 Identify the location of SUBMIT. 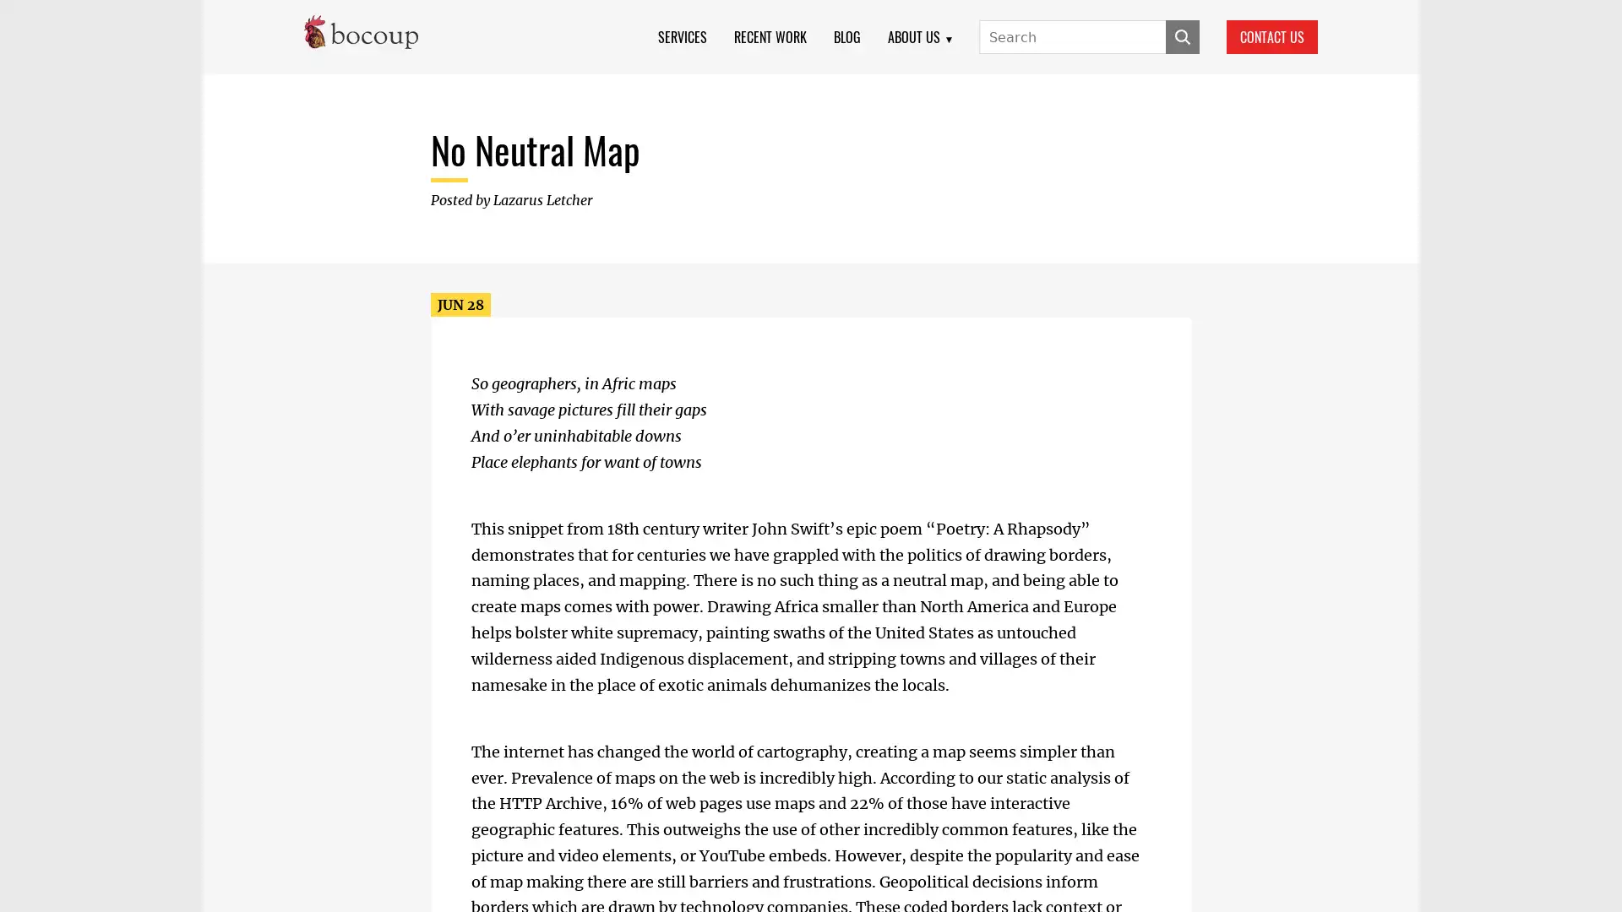
(1182, 36).